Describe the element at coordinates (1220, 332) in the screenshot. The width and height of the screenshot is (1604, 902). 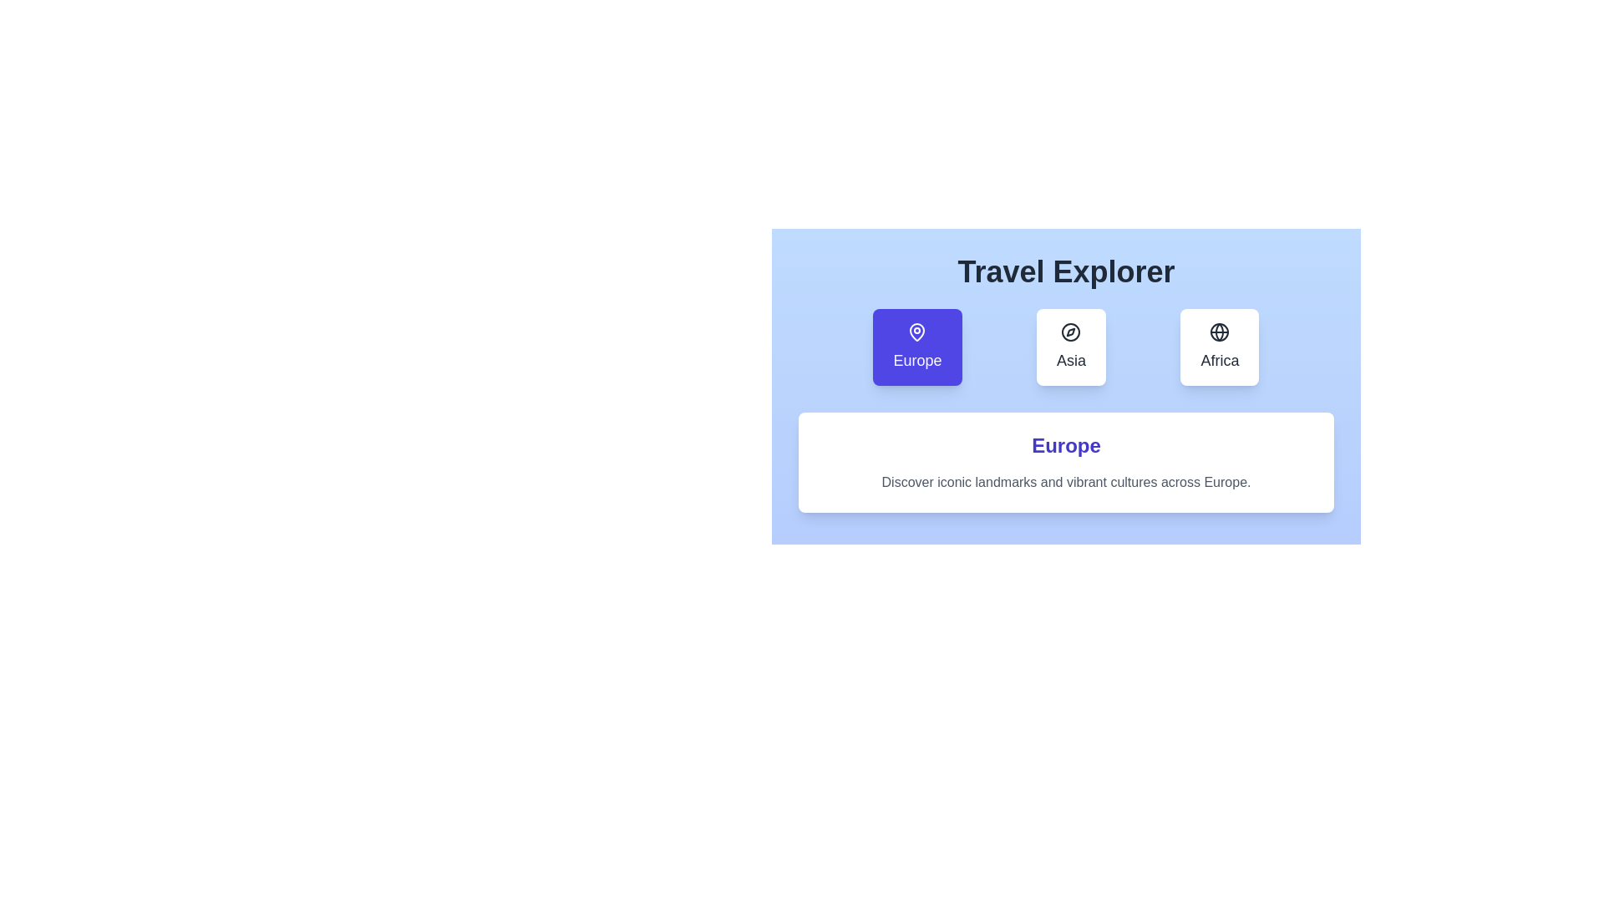
I see `the globe-shaped icon representing the 'Africa' option, which is located in the top-right section of the main interactive area` at that location.